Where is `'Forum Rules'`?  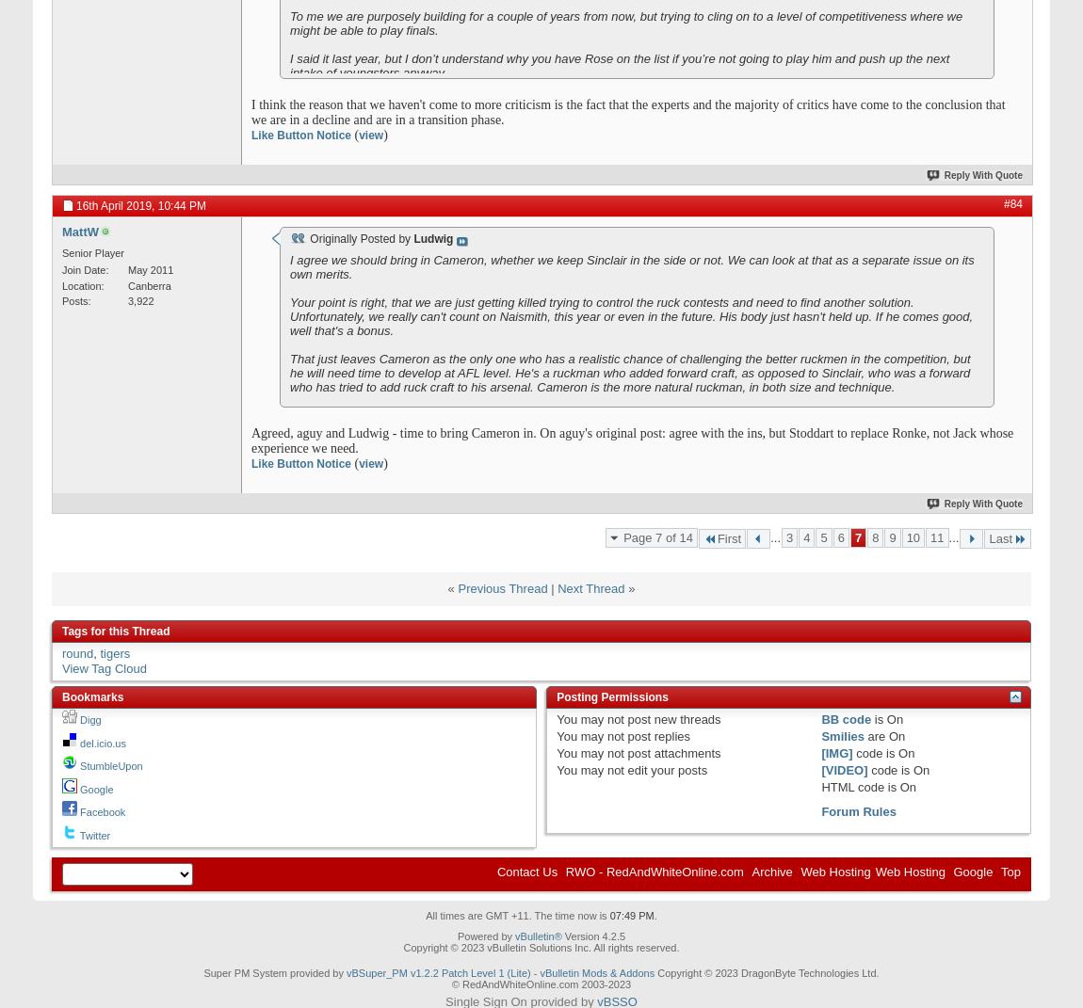
'Forum Rules' is located at coordinates (858, 811).